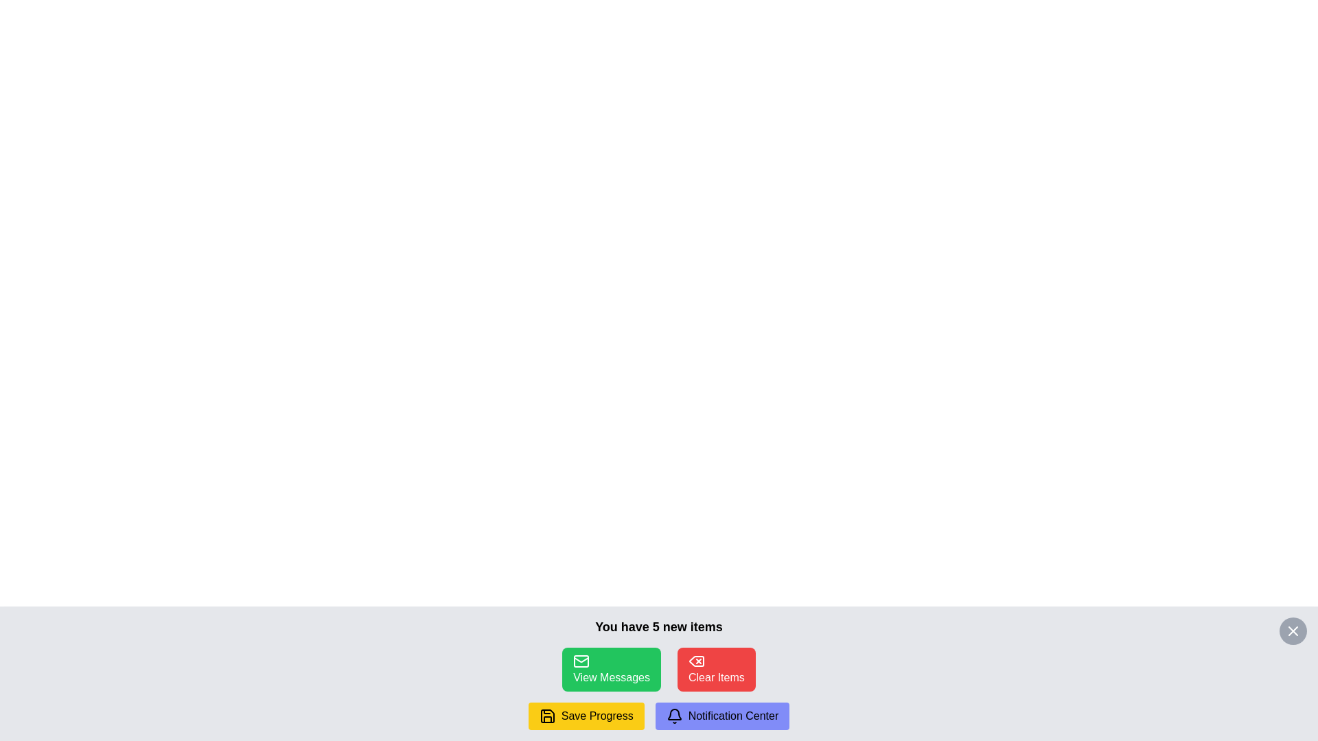  Describe the element at coordinates (611, 668) in the screenshot. I see `the first button in the bottom-central section of the interface` at that location.